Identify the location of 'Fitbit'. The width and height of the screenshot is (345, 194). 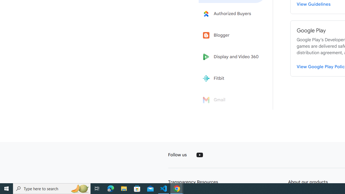
(232, 78).